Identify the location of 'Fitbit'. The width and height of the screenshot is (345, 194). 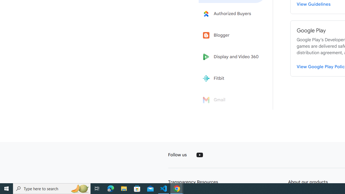
(232, 78).